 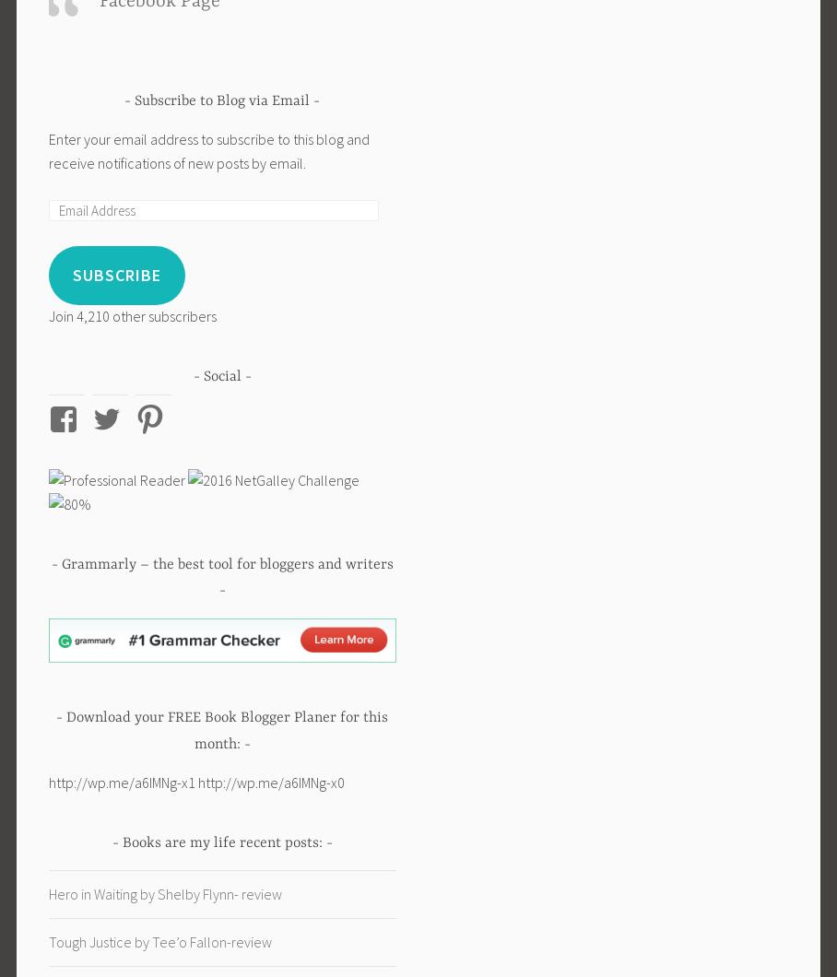 What do you see at coordinates (220, 842) in the screenshot?
I see `'Books are my life recent posts:'` at bounding box center [220, 842].